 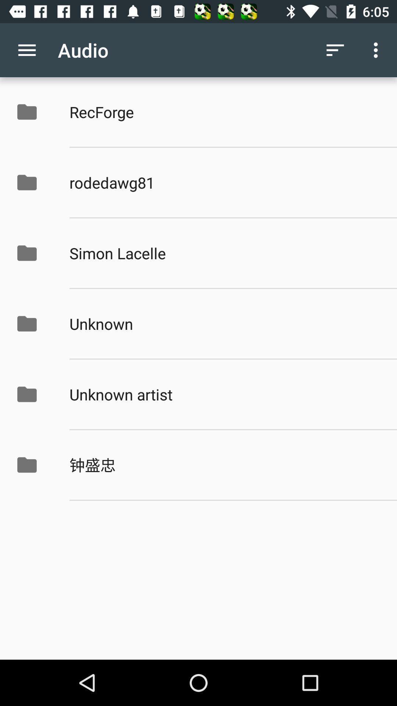 I want to click on app above rodedawg81 item, so click(x=225, y=111).